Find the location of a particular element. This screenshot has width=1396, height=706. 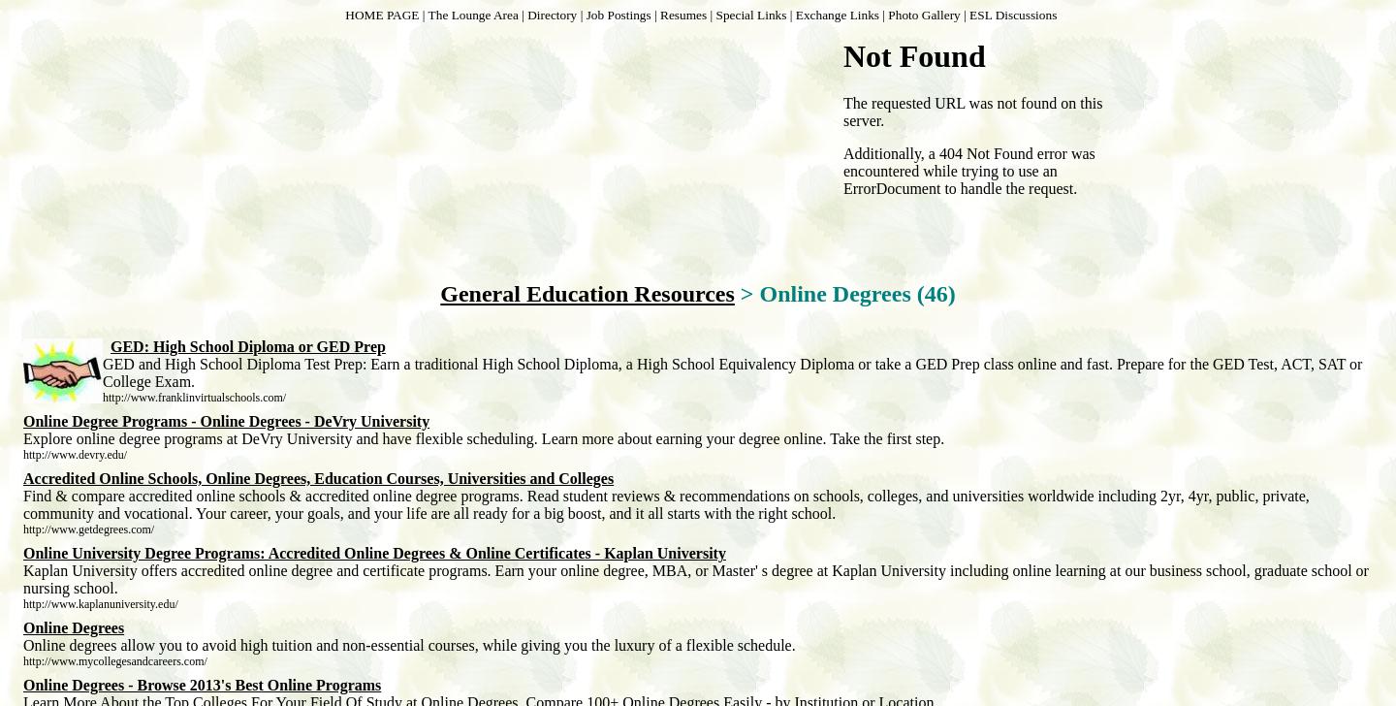

'Online degrees allow you to avoid high tuition and non-essential courses, while giving you the luxury of a flexible schedule.' is located at coordinates (409, 645).